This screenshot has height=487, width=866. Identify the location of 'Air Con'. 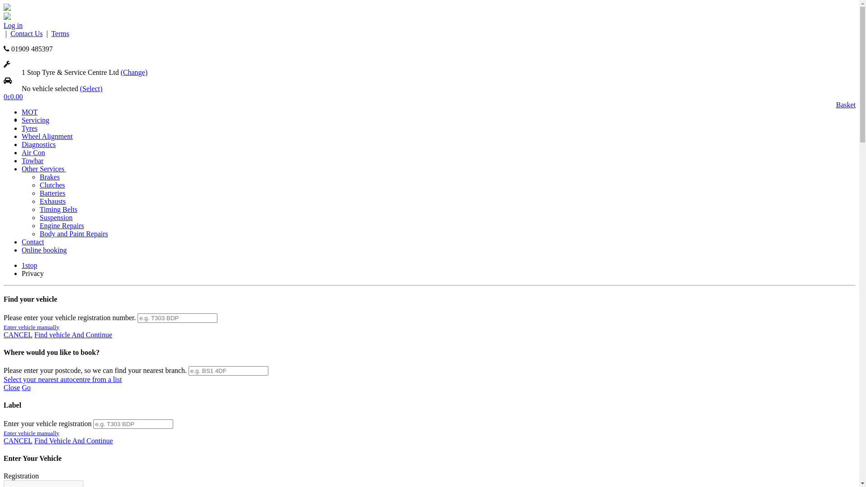
(33, 152).